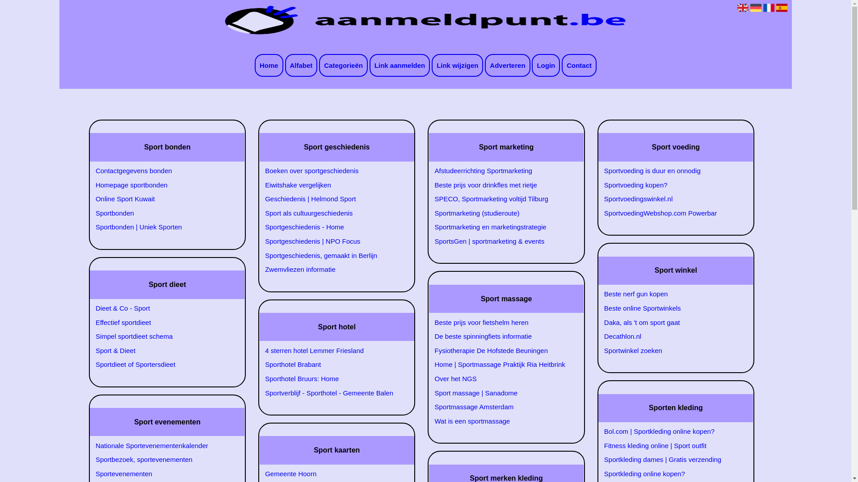  What do you see at coordinates (331, 378) in the screenshot?
I see `'Sporthotel Bruurs: Home'` at bounding box center [331, 378].